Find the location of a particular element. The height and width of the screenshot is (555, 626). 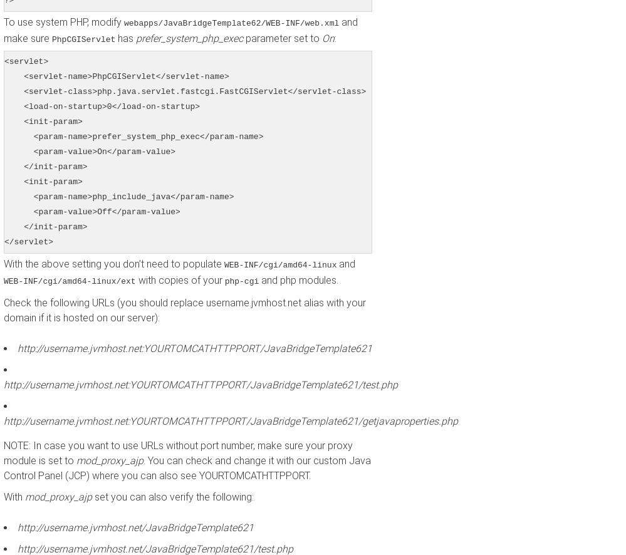

'has' is located at coordinates (115, 38).